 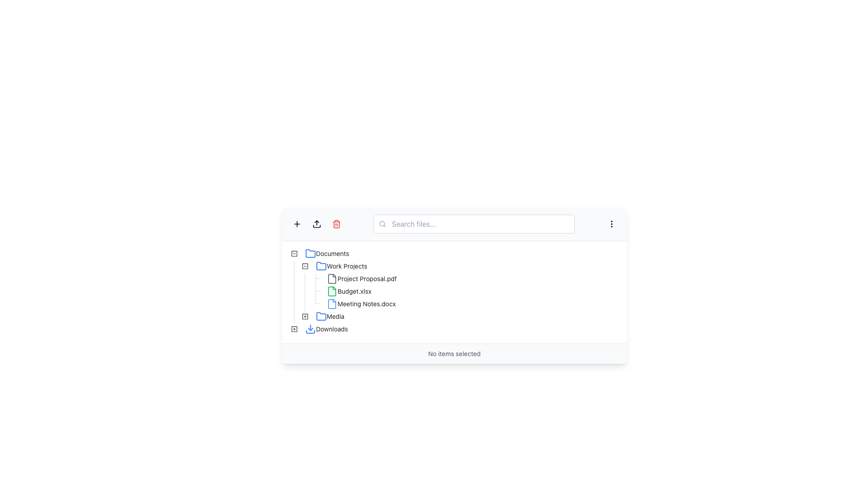 I want to click on the folder icon representing the 'Documents' folder in the file tree, so click(x=311, y=253).